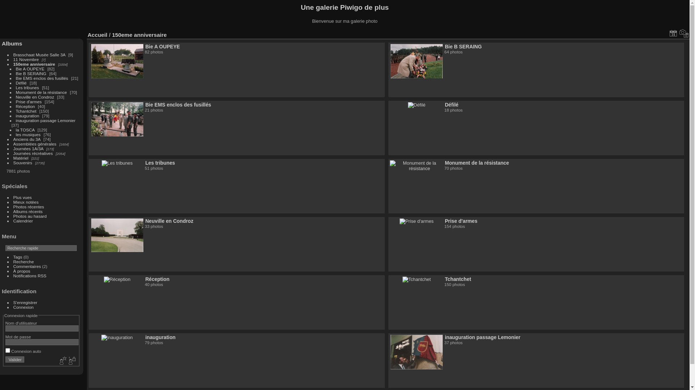 This screenshot has height=390, width=695. What do you see at coordinates (28, 134) in the screenshot?
I see `'les musiques'` at bounding box center [28, 134].